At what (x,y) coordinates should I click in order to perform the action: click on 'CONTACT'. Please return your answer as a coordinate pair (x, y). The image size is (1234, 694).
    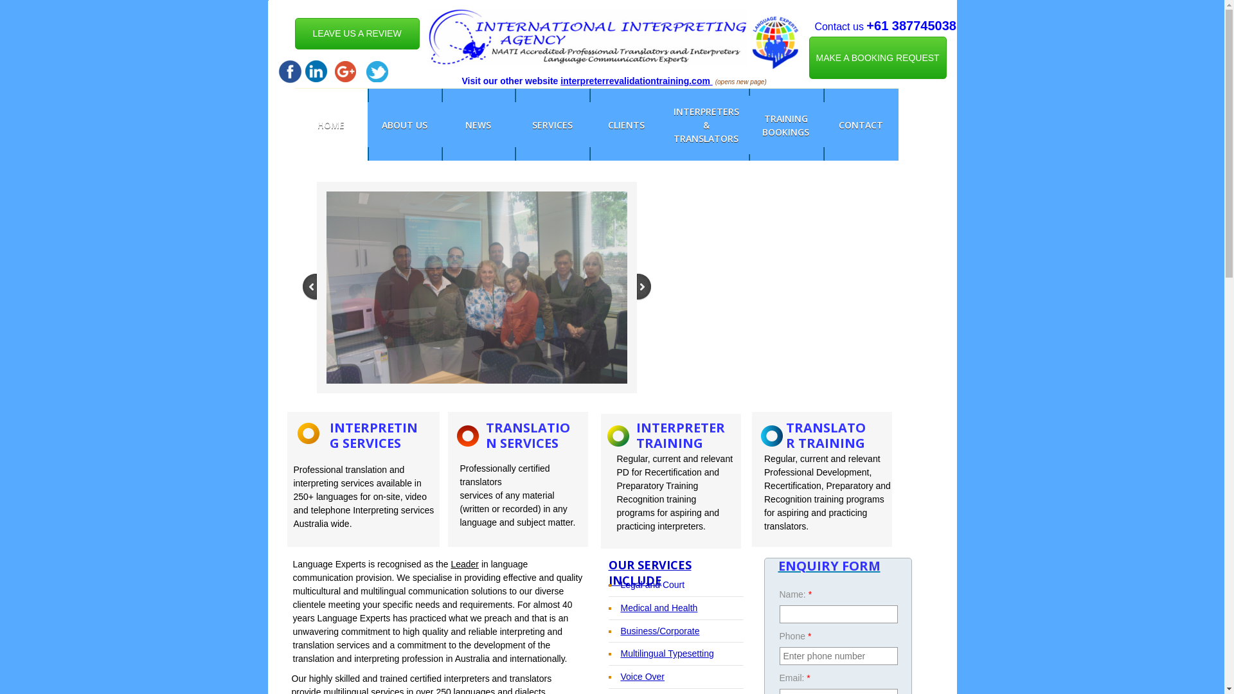
    Looking at the image, I should click on (861, 124).